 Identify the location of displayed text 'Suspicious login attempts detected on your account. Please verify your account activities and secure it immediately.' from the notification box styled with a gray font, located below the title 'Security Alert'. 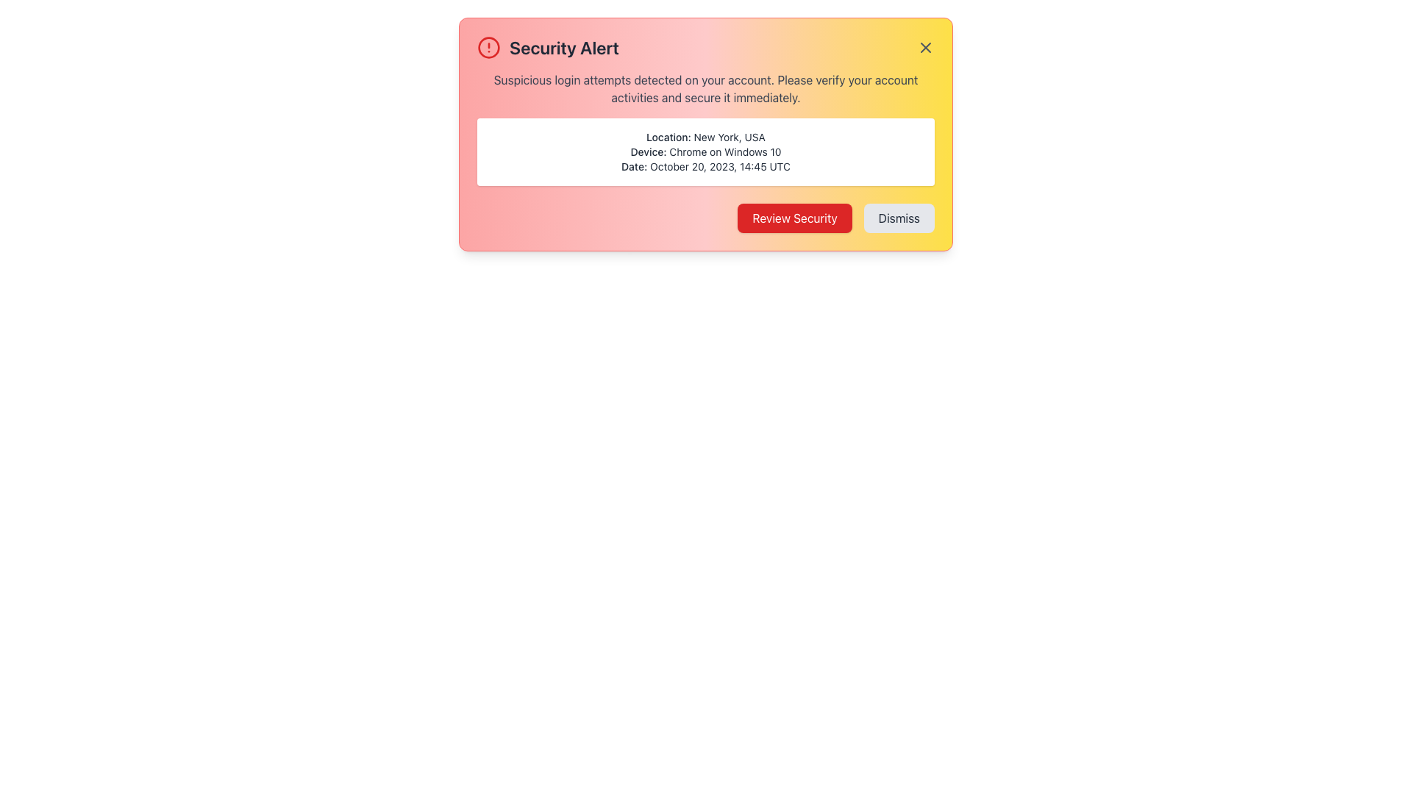
(706, 88).